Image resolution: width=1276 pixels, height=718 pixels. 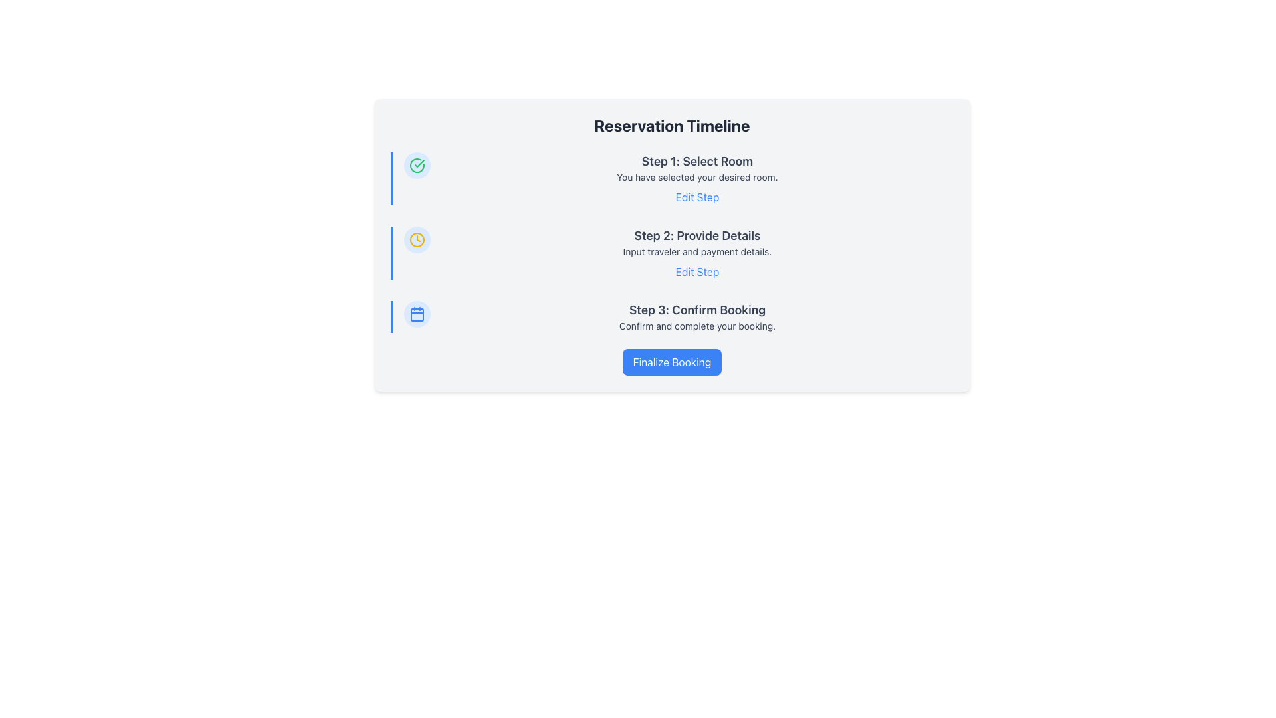 I want to click on the descriptive text element located within the 'Step 2: Provide Details' section of the 'Reservation Timeline', positioned directly below the heading and above the 'Edit Step' link, so click(x=696, y=251).